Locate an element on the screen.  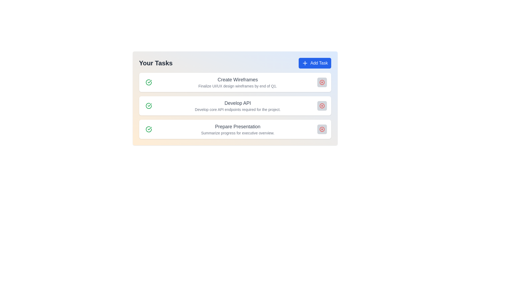
the outermost SVG Circle next to the 'Create Wireframes' task item, which serves as a decorative or interactive feature is located at coordinates (322, 82).